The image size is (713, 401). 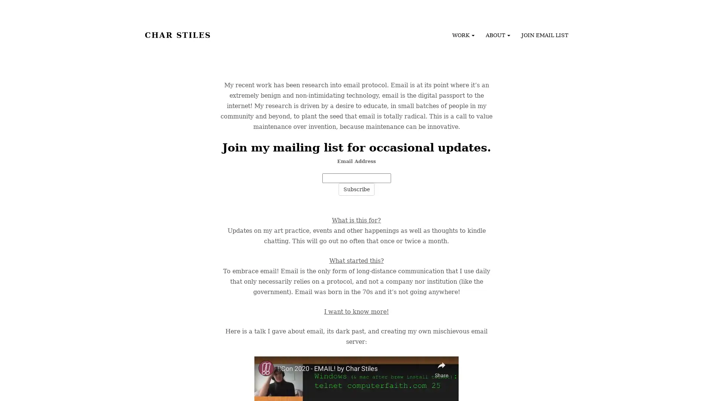 I want to click on Subscribe, so click(x=356, y=189).